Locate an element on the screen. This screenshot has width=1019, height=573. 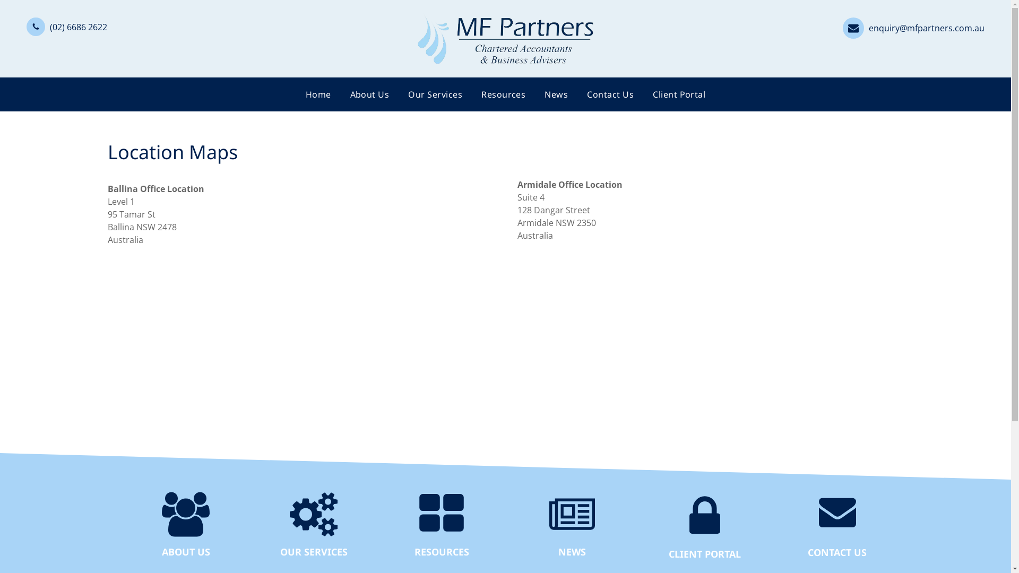
'enquiry@mfpartners.com.au' is located at coordinates (913, 26).